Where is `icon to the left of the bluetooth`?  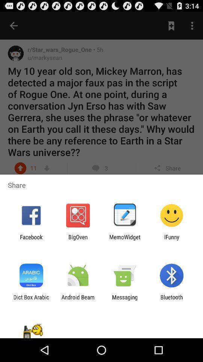
icon to the left of the bluetooth is located at coordinates (125, 300).